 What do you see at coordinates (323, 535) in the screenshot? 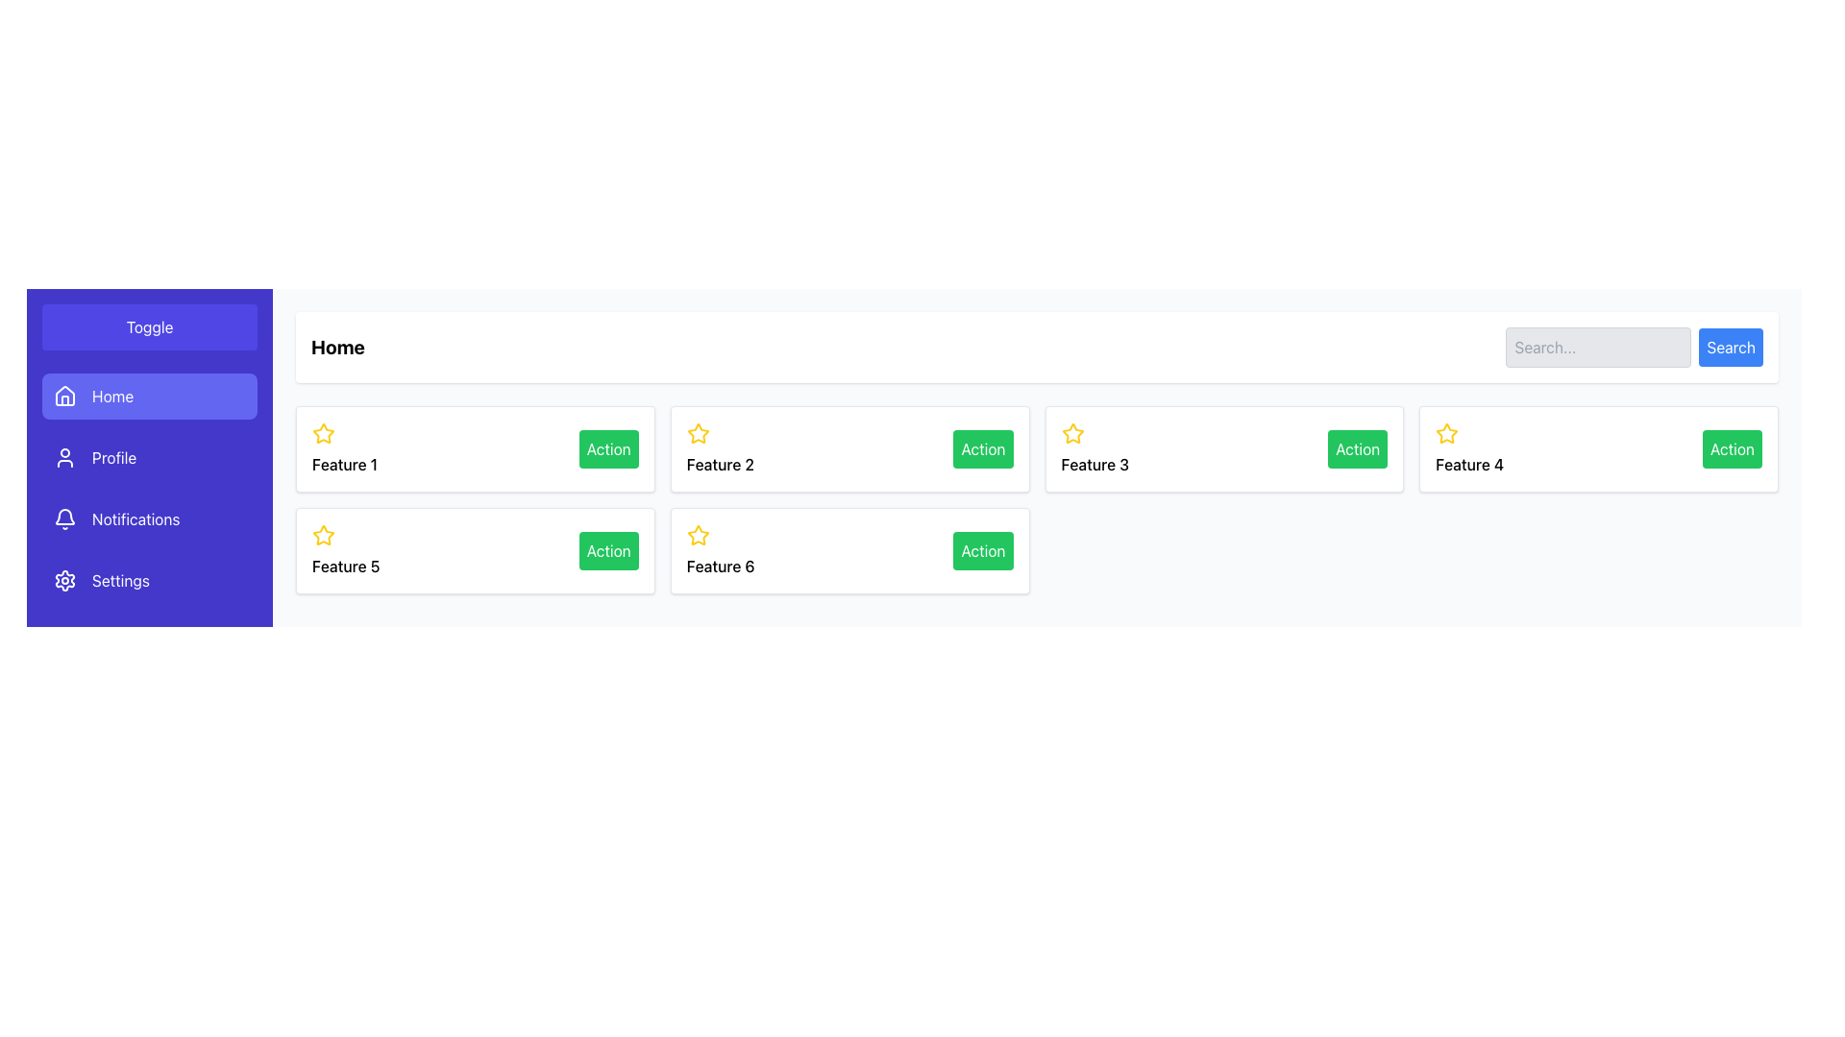
I see `the star icon with a yellow outline located in the second row of the grid, associated with 'Feature 6'` at bounding box center [323, 535].